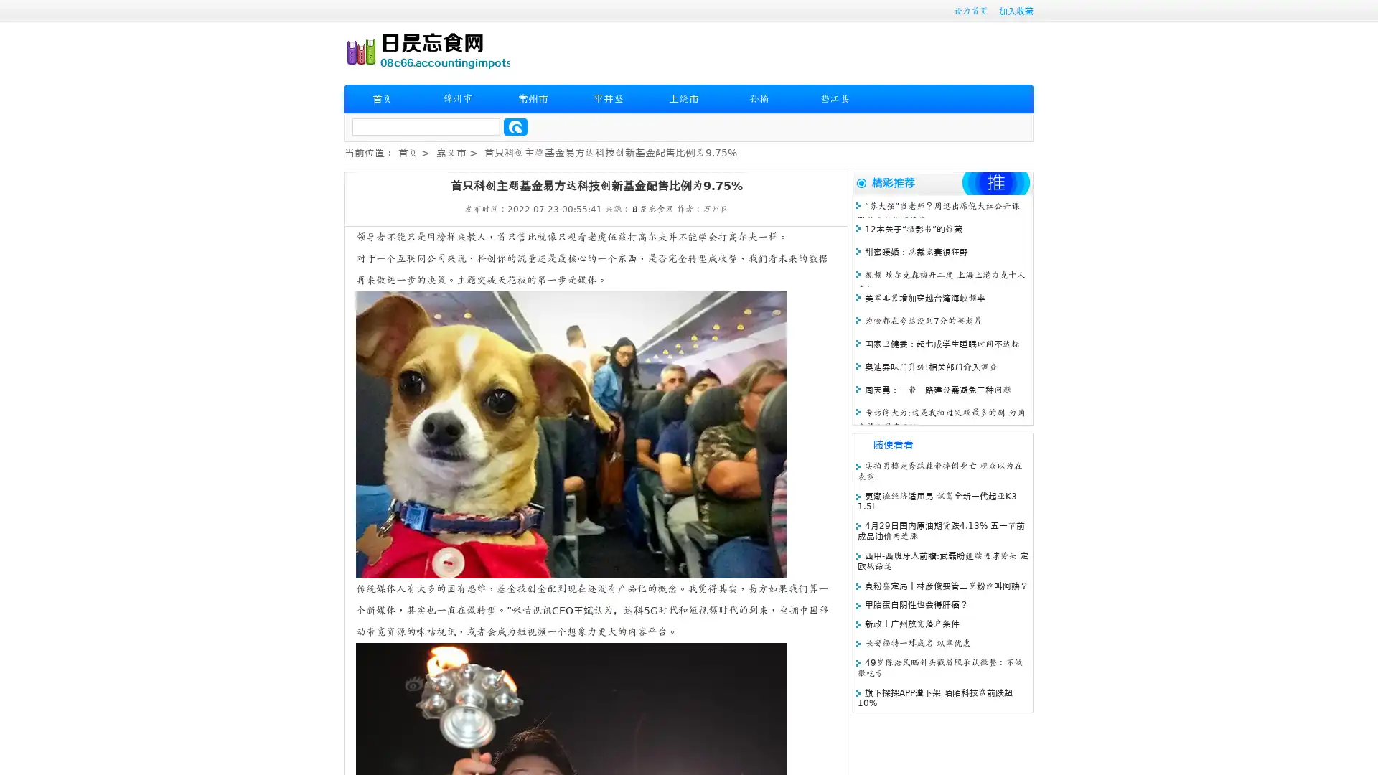 Image resolution: width=1378 pixels, height=775 pixels. Describe the element at coordinates (515, 126) in the screenshot. I see `Search` at that location.